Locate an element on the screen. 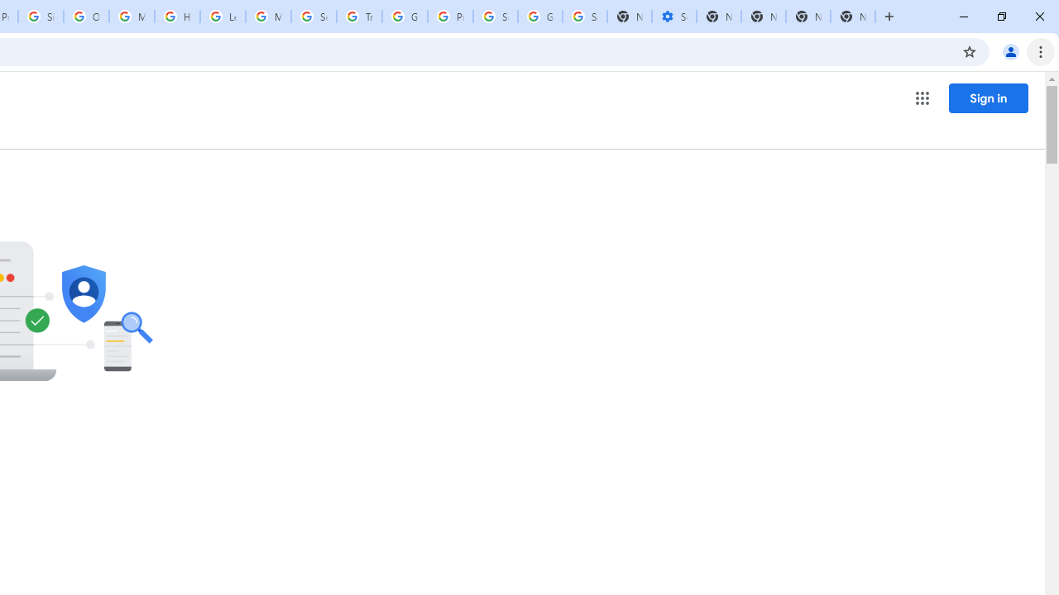 The height and width of the screenshot is (595, 1059). 'Settings - Performance' is located at coordinates (674, 17).